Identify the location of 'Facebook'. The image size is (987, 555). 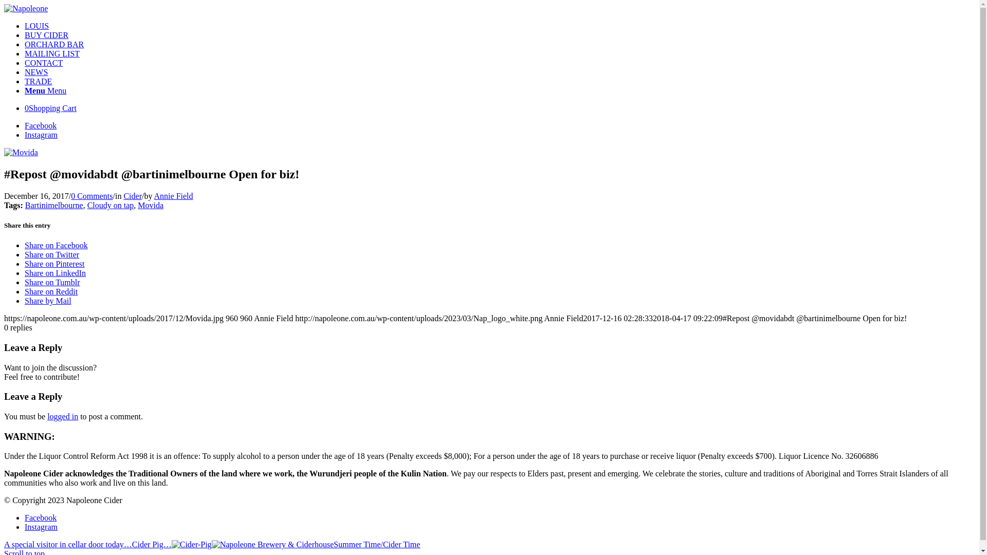
(40, 517).